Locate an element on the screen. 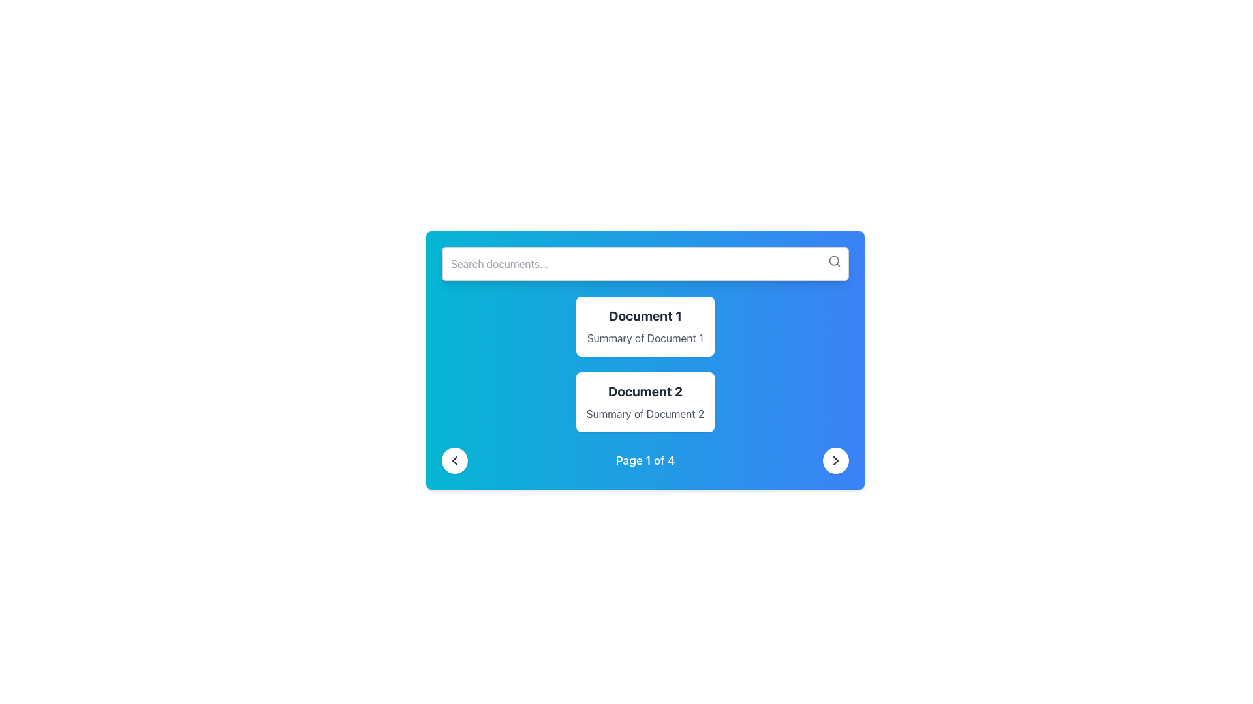 Image resolution: width=1253 pixels, height=704 pixels. the text element reading 'Summary of Document 2', which is styled in gray and located beneath the title 'Document 2' within a white card is located at coordinates (645, 414).